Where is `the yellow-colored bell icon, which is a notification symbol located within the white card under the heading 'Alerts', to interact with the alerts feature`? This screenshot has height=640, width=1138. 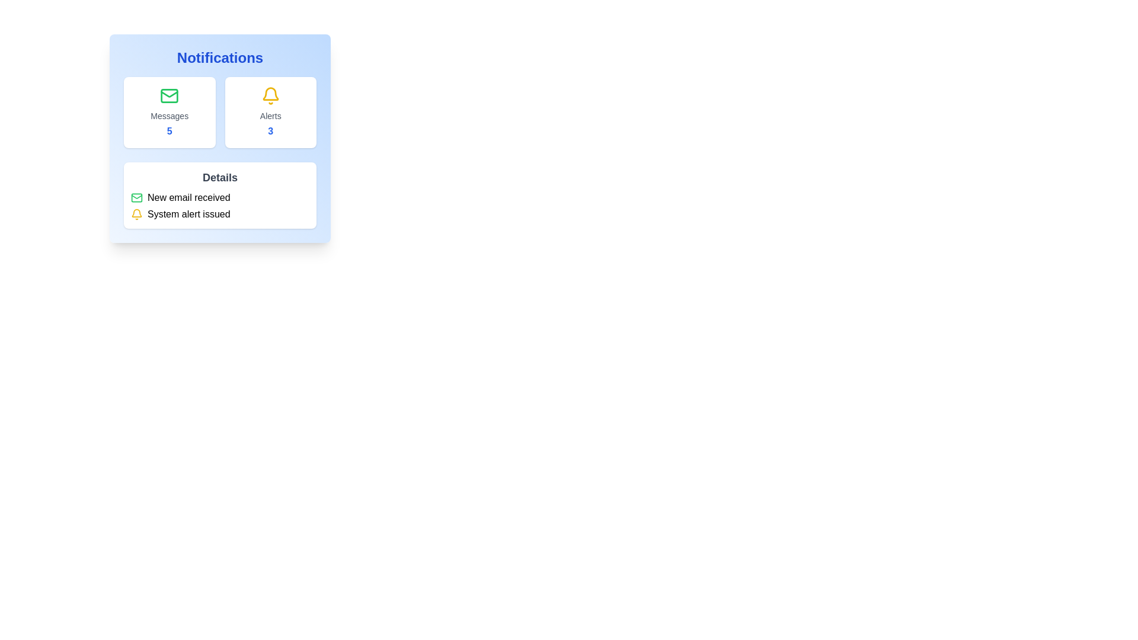
the yellow-colored bell icon, which is a notification symbol located within the white card under the heading 'Alerts', to interact with the alerts feature is located at coordinates (270, 95).